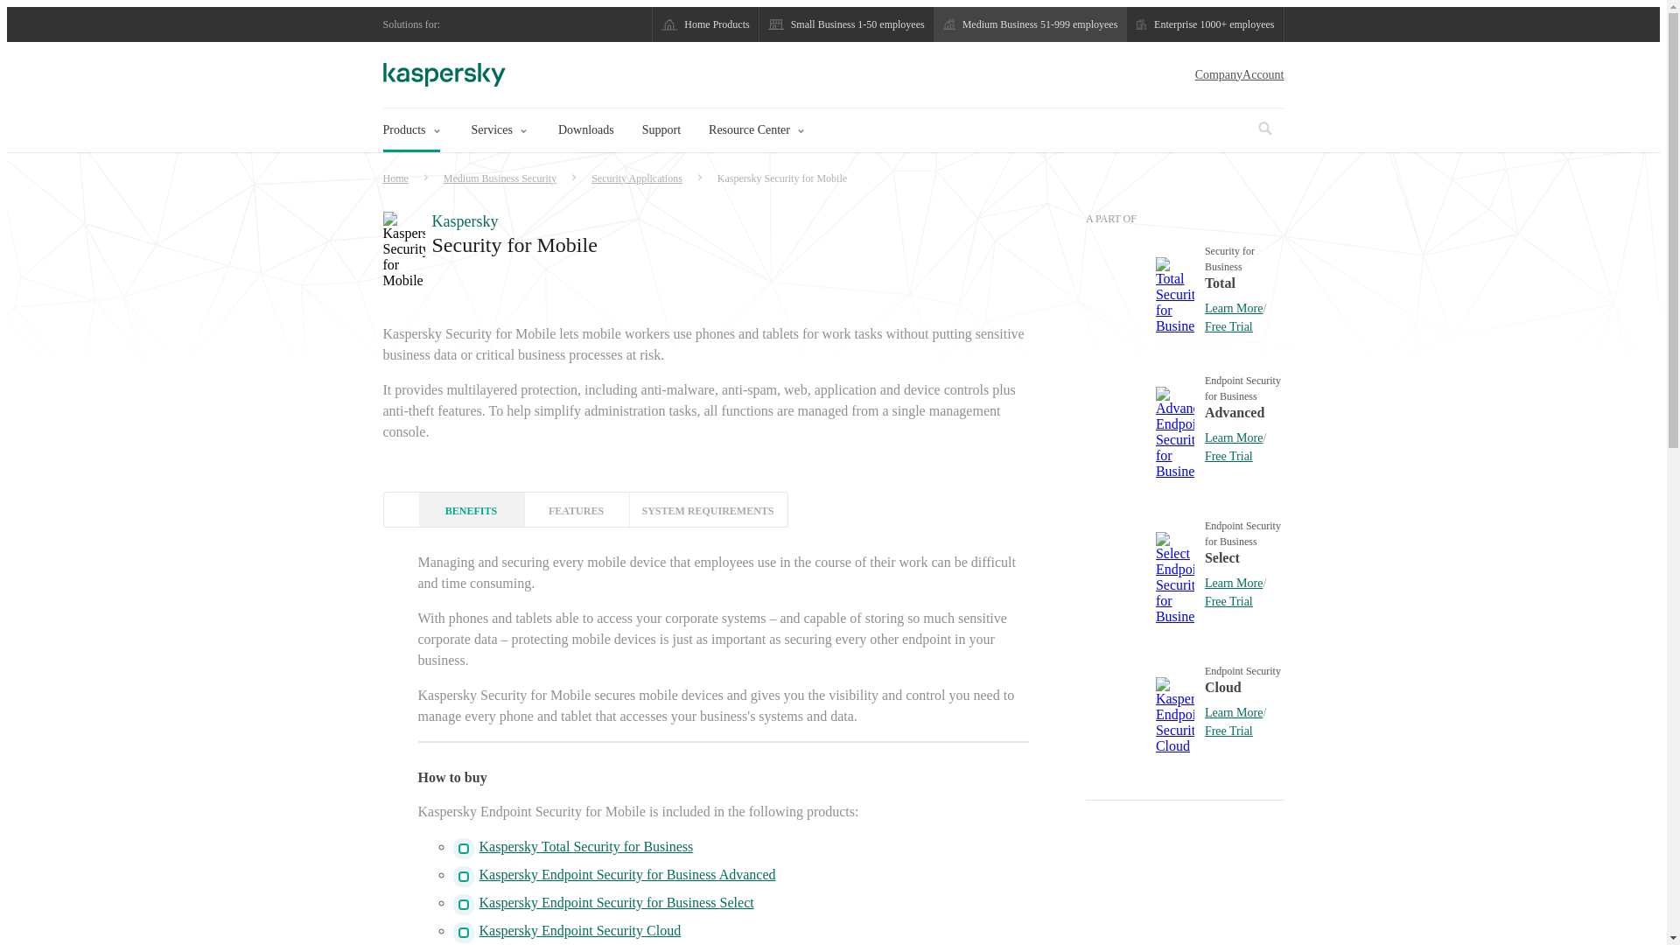 This screenshot has height=945, width=1680. I want to click on 'Resource Center', so click(800, 129).